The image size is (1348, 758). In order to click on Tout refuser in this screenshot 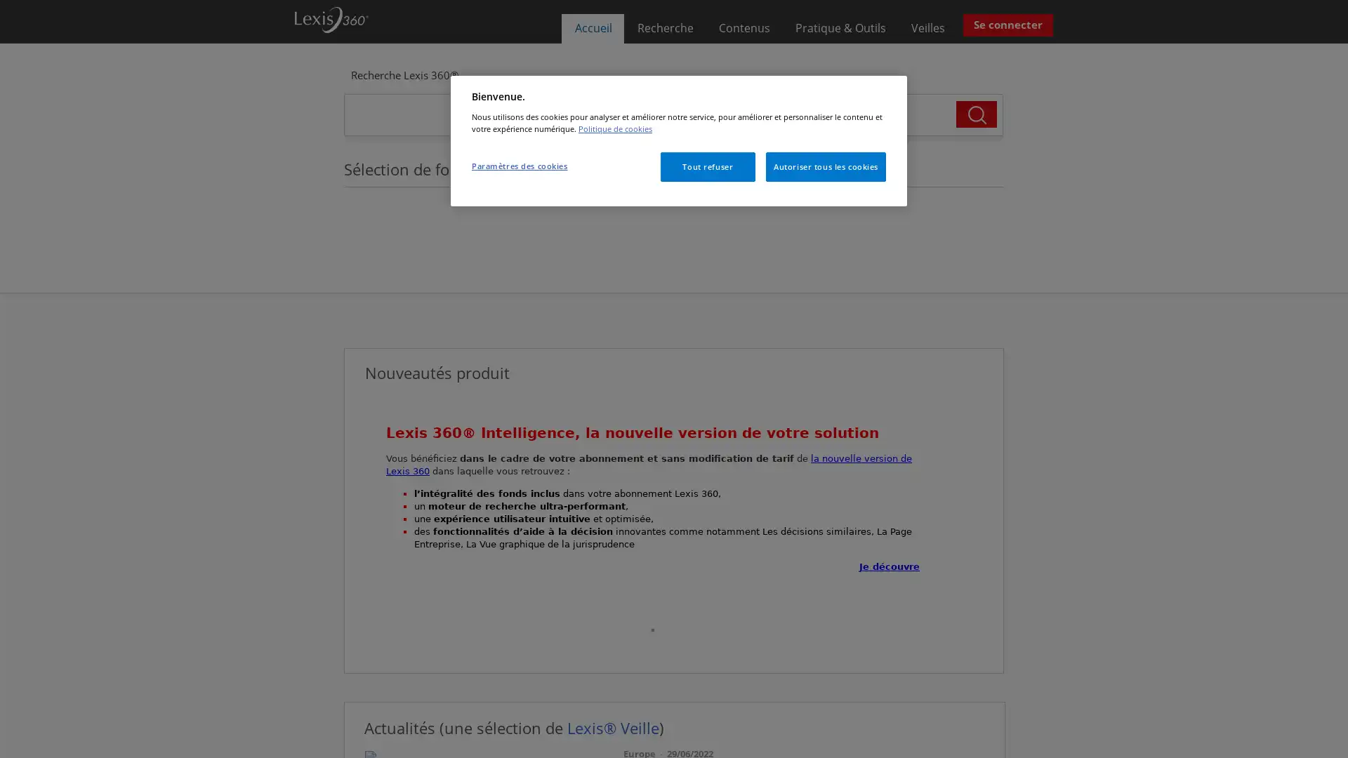, I will do `click(707, 165)`.